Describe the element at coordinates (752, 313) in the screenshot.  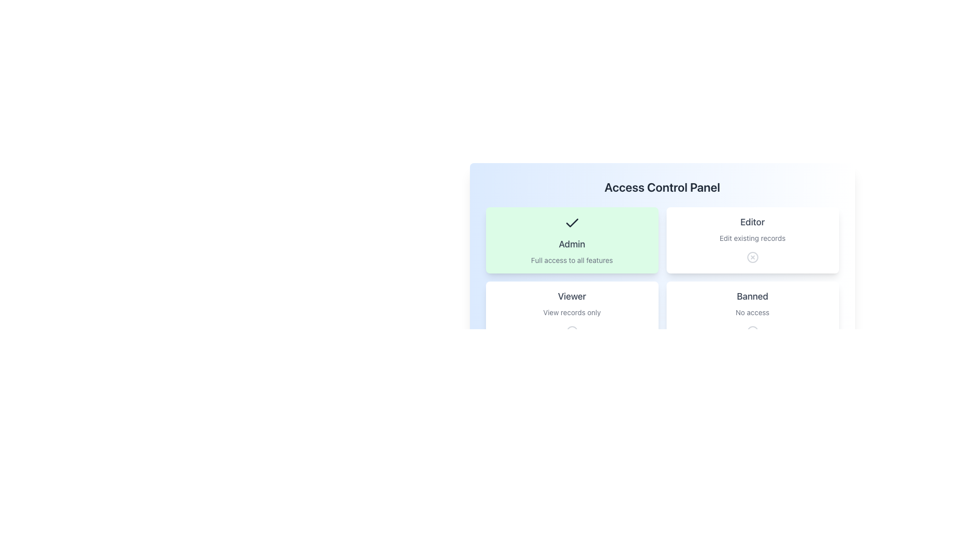
I see `the 'Banned' card element in the lower-right corner of the access control panel interface, which has a bold title and a 'no access' icon` at that location.